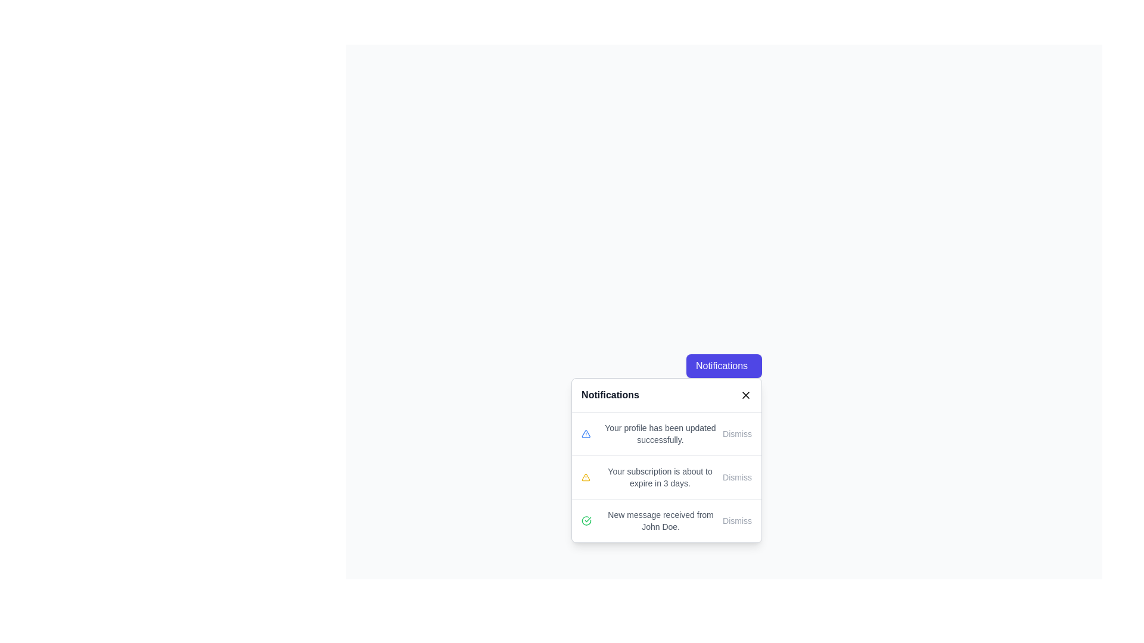  I want to click on informational notification text label about a new message received from 'John Doe', located to the right of the checkmark icon in the bottom notification row of the notification panel, so click(651, 520).